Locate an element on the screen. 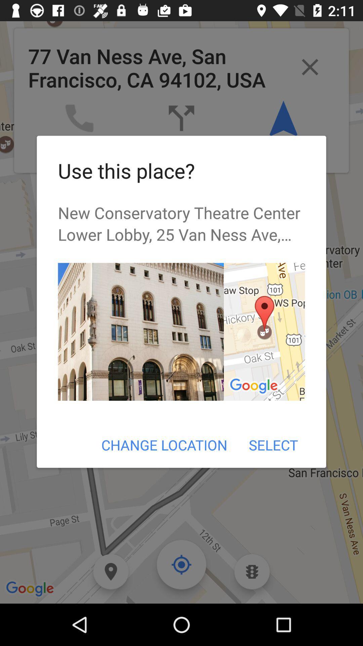 This screenshot has width=363, height=646. change location item is located at coordinates (164, 445).